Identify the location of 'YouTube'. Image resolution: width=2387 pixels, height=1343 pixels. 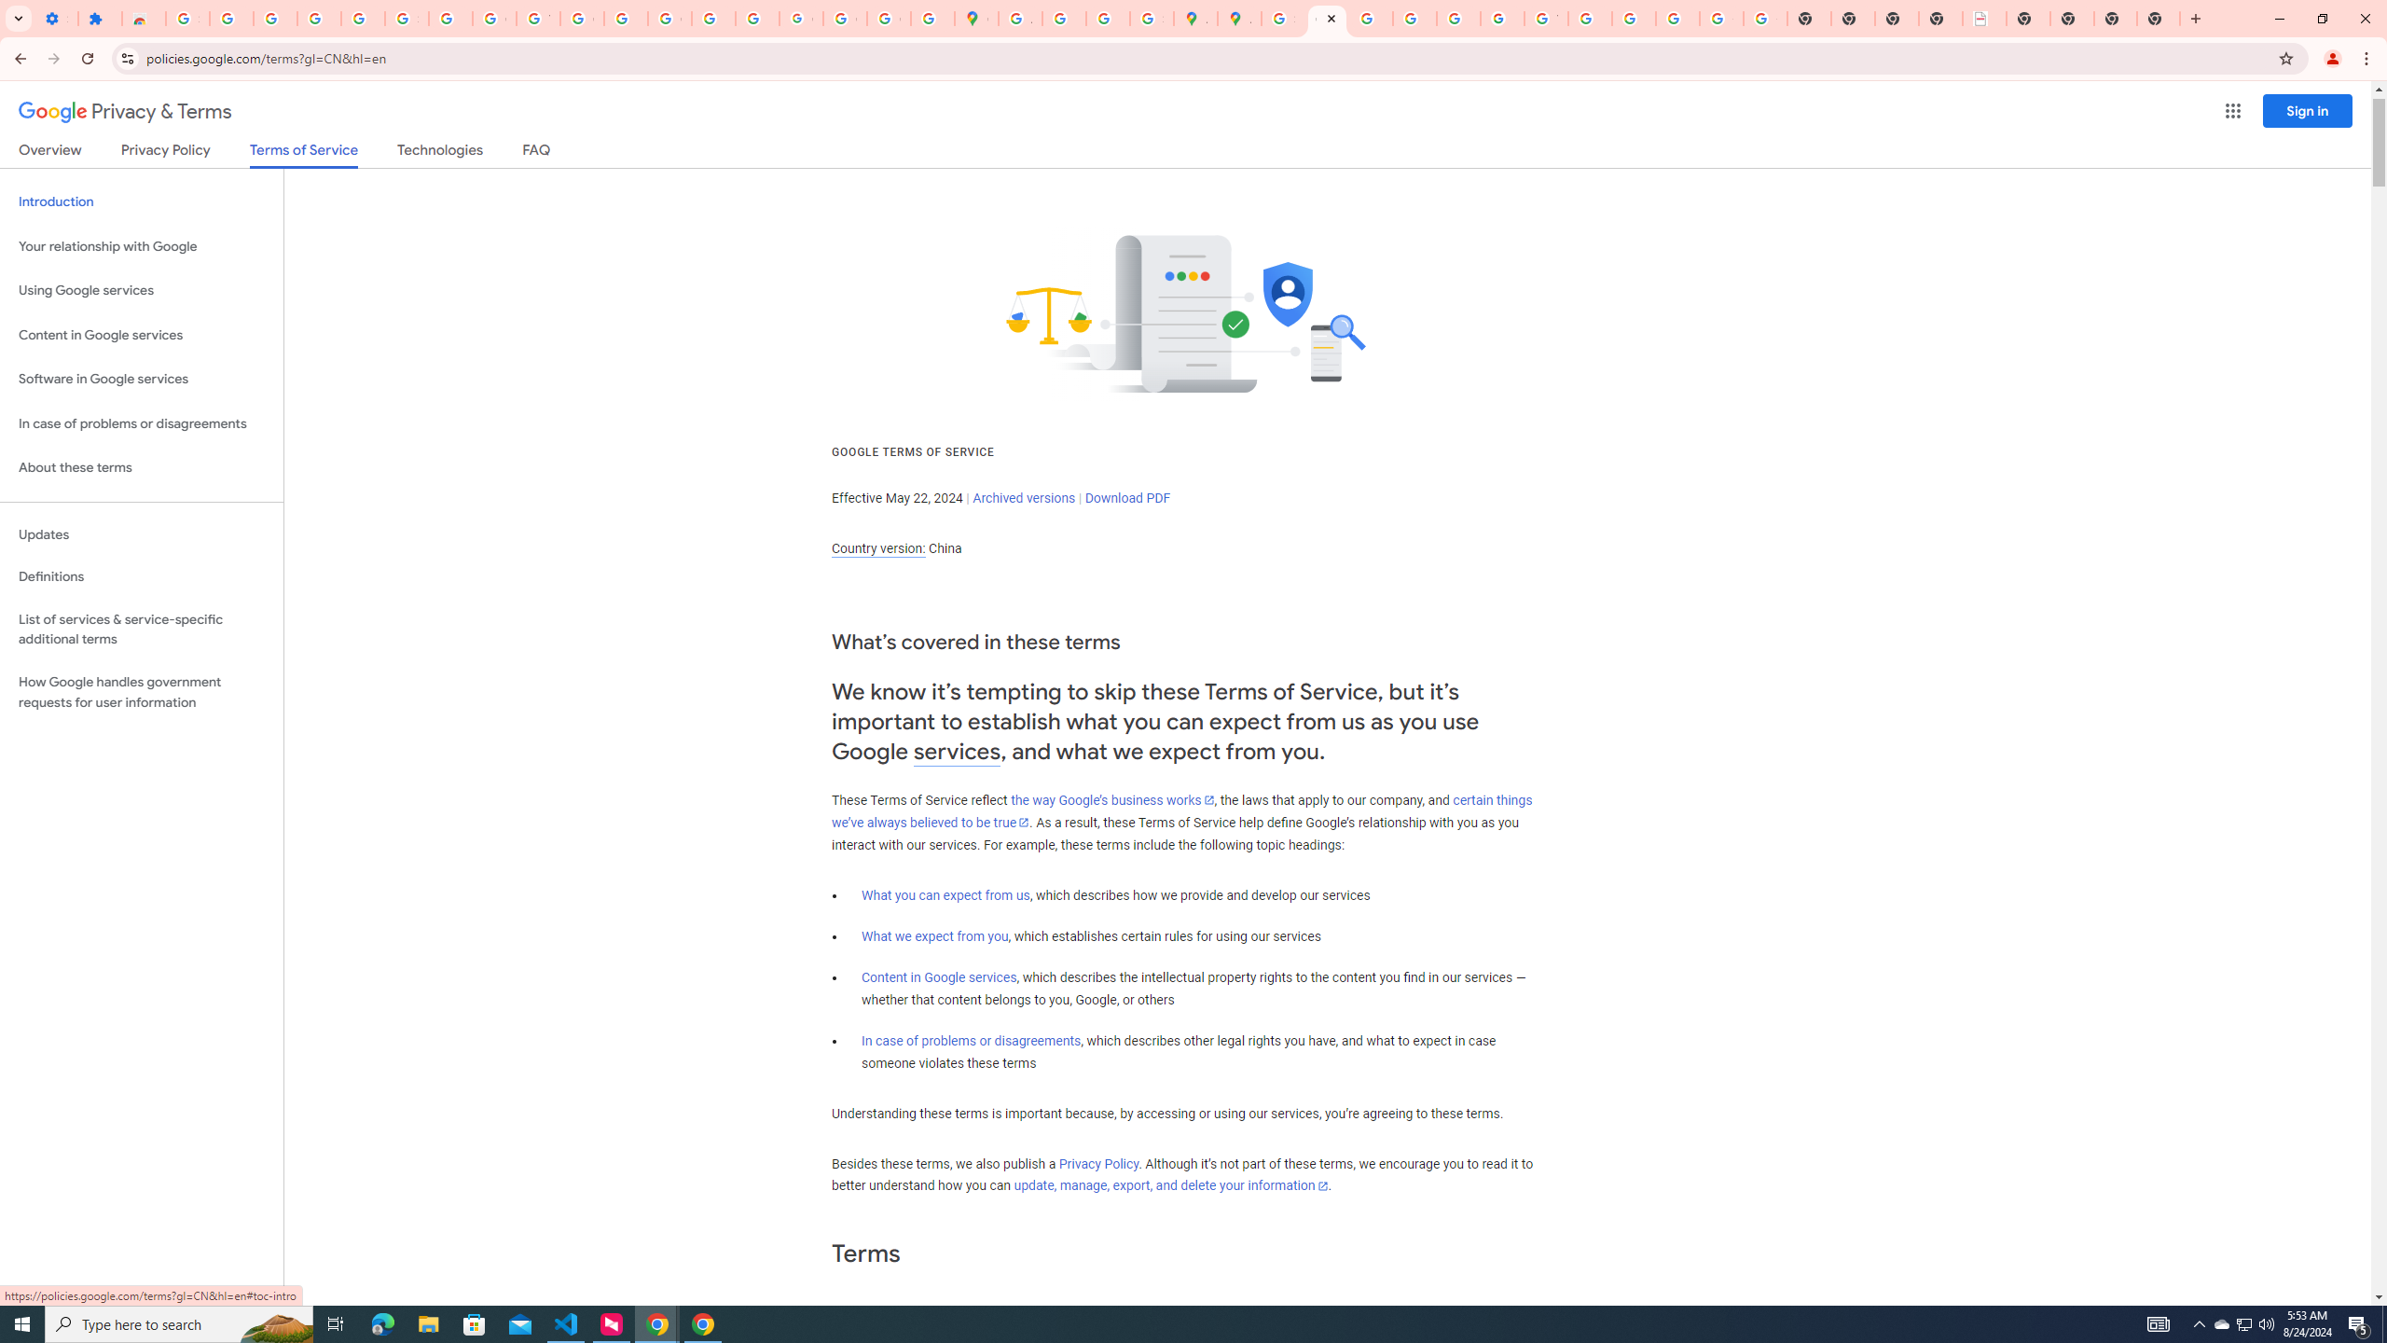
(537, 18).